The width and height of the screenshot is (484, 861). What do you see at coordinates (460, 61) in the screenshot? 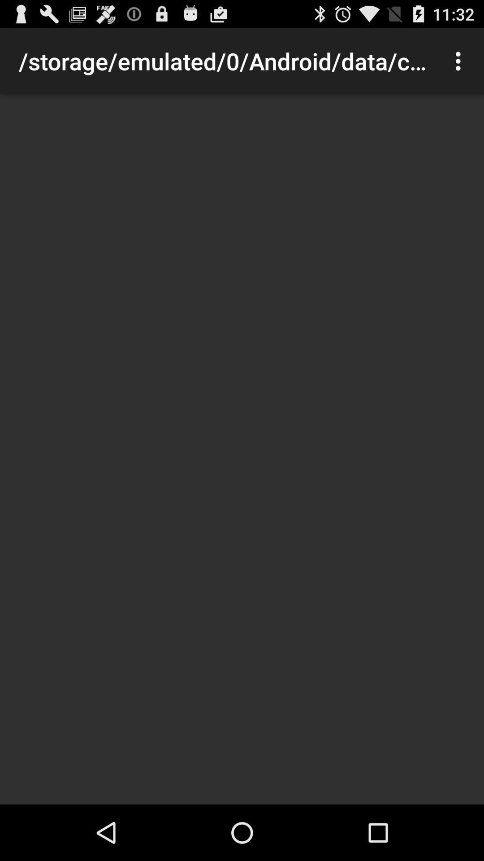
I see `item next to storage emulated 0 item` at bounding box center [460, 61].